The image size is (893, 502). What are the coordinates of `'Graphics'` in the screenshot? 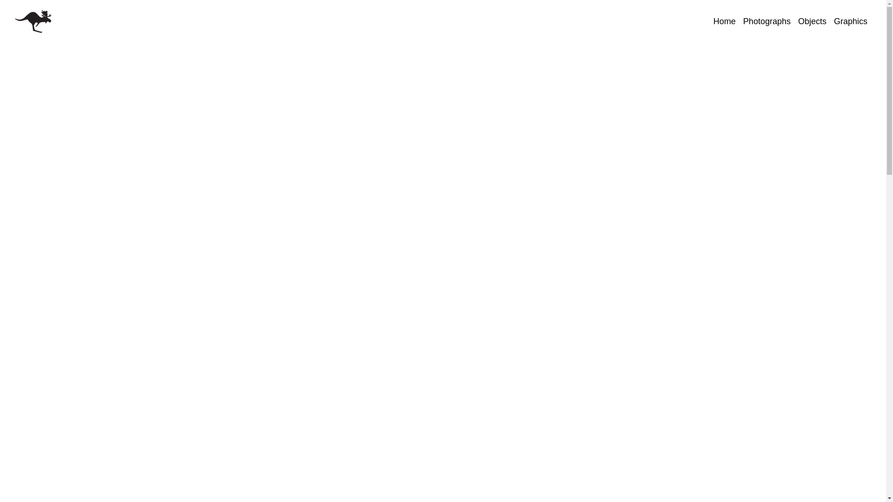 It's located at (830, 21).